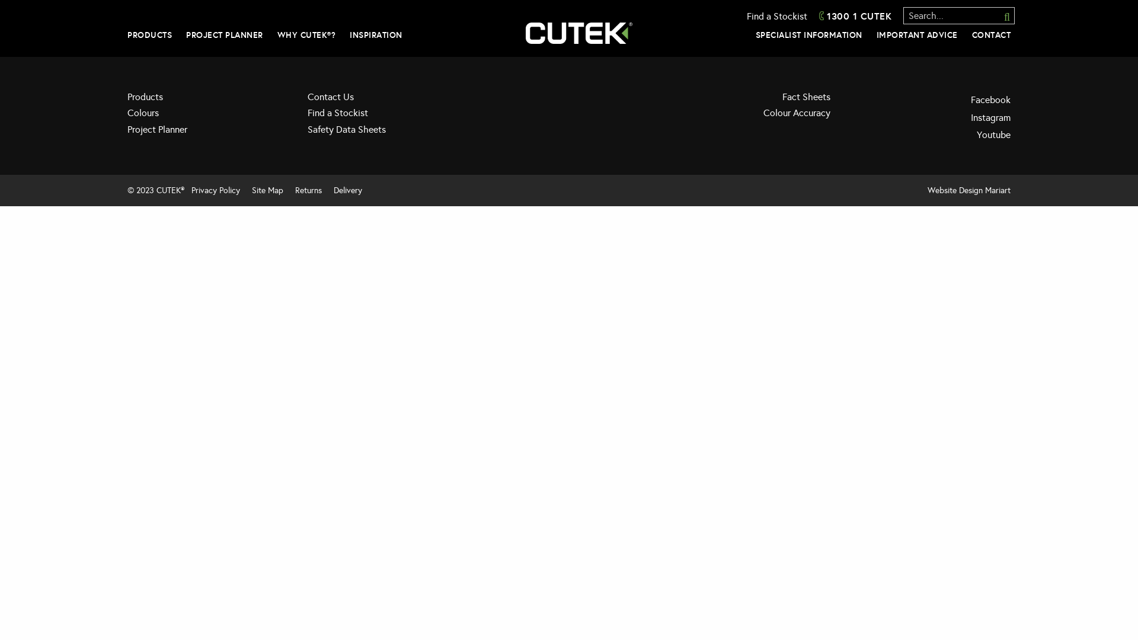  What do you see at coordinates (929, 134) in the screenshot?
I see `'Youtube'` at bounding box center [929, 134].